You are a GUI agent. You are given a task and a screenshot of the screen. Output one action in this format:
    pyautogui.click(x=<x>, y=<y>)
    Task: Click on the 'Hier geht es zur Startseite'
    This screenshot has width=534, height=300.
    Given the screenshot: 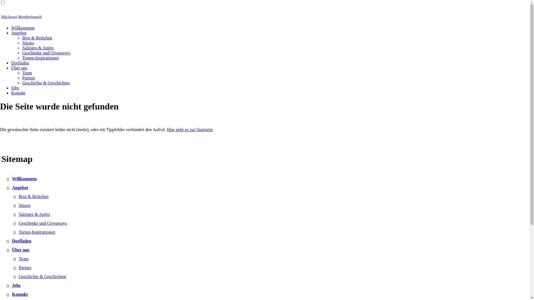 What is the action you would take?
    pyautogui.click(x=190, y=129)
    